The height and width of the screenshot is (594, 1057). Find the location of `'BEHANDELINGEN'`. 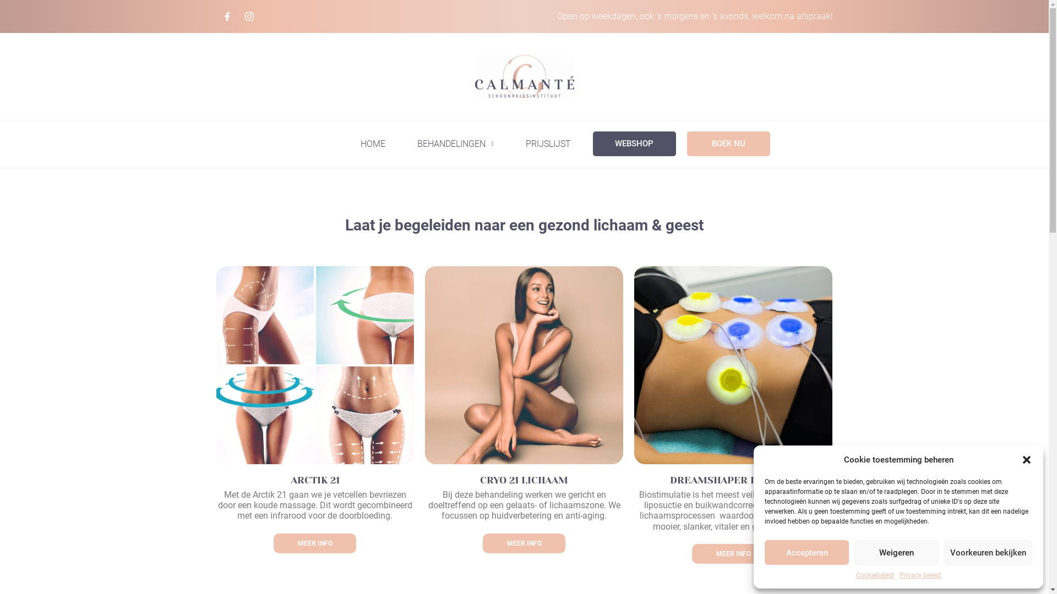

'BEHANDELINGEN' is located at coordinates (455, 144).